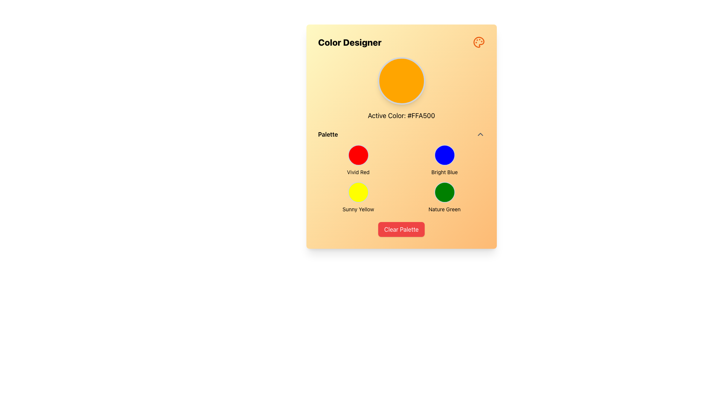 The image size is (714, 401). What do you see at coordinates (444, 160) in the screenshot?
I see `to select the 'Bright Blue' color from the selectable color component positioned in the grid's first row, second column` at bounding box center [444, 160].